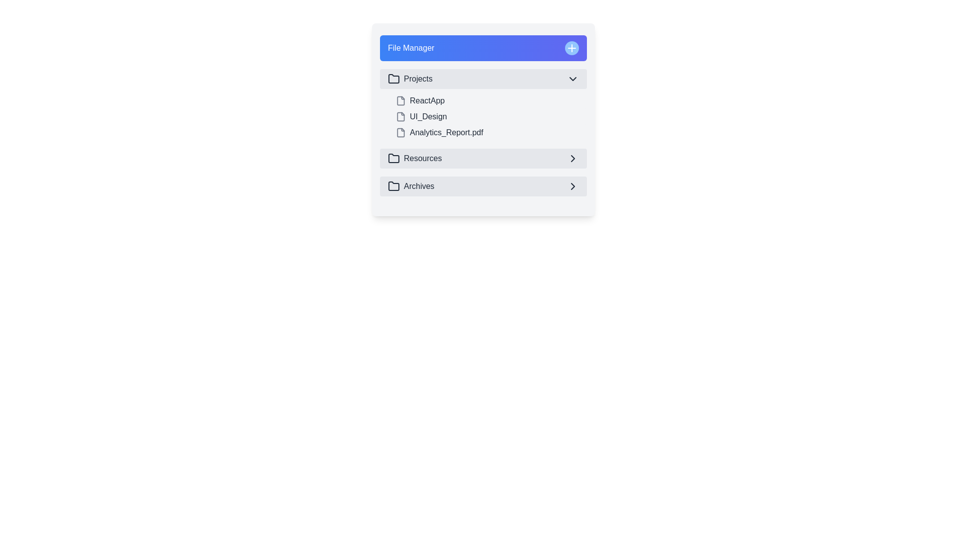 The width and height of the screenshot is (955, 537). Describe the element at coordinates (401, 132) in the screenshot. I see `the file icon resembling a document or file, which is located next to the label 'Analytics_Report.pdf' within the 'Projects' folder in the file manager interface` at that location.